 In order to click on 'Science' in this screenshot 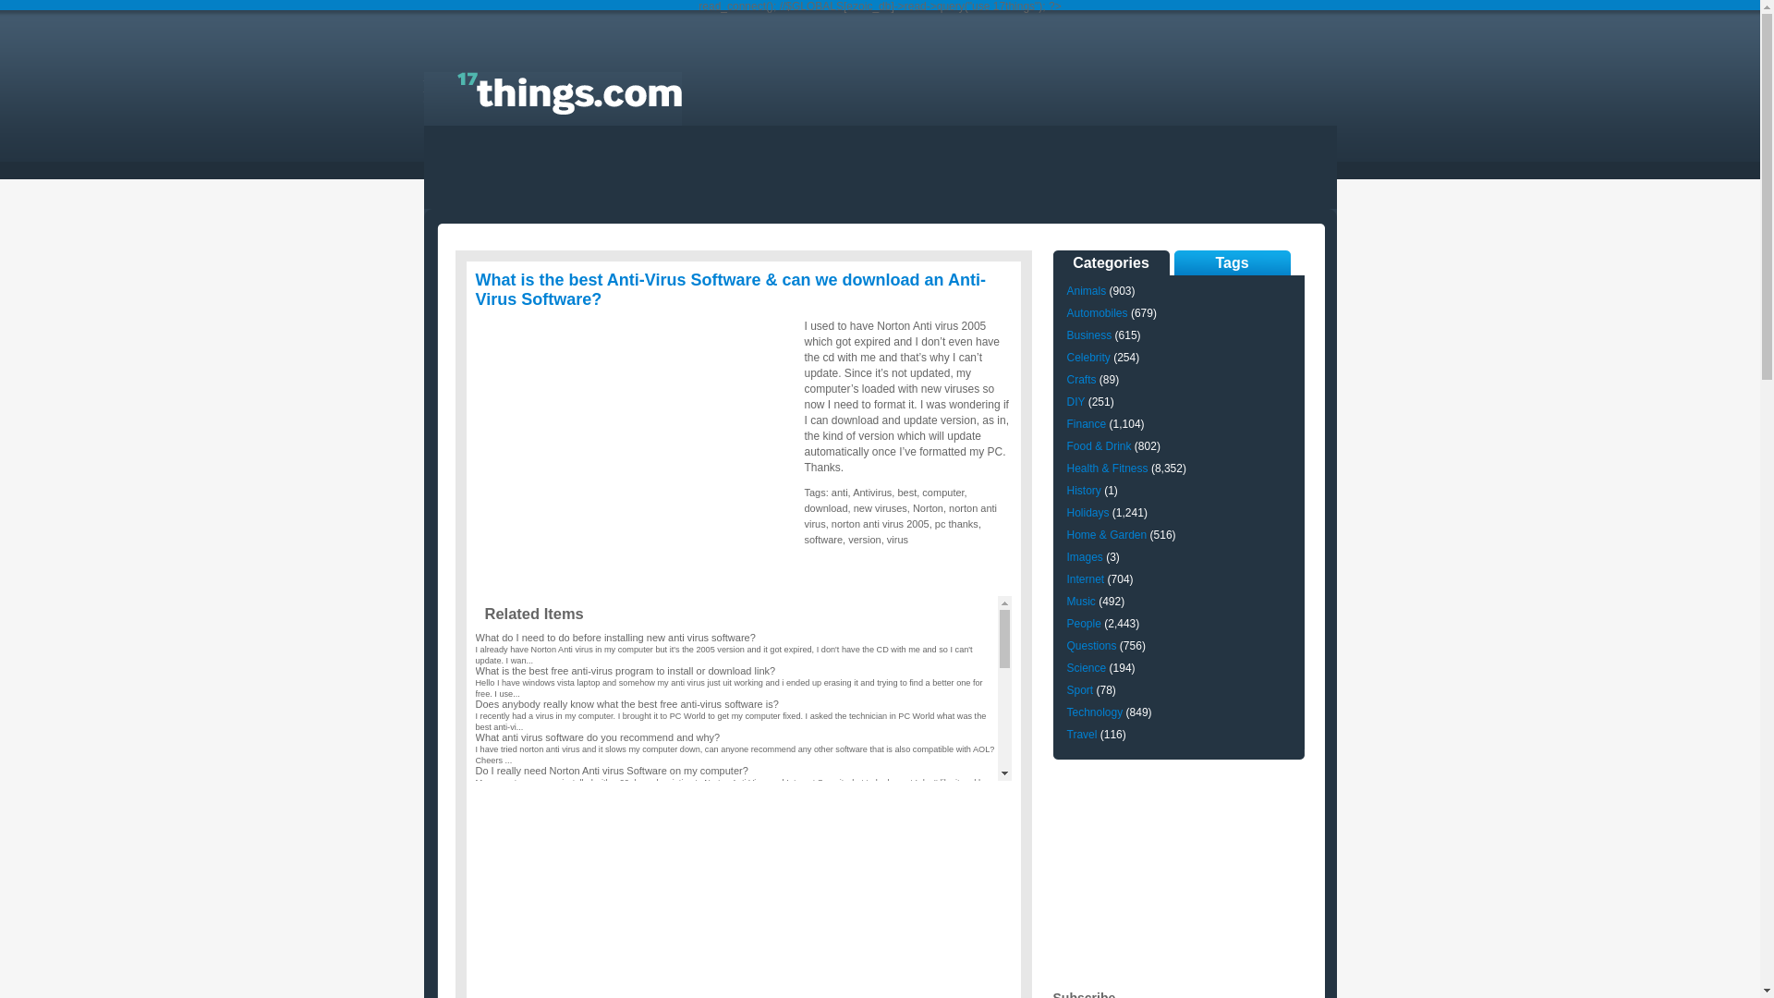, I will do `click(1086, 667)`.